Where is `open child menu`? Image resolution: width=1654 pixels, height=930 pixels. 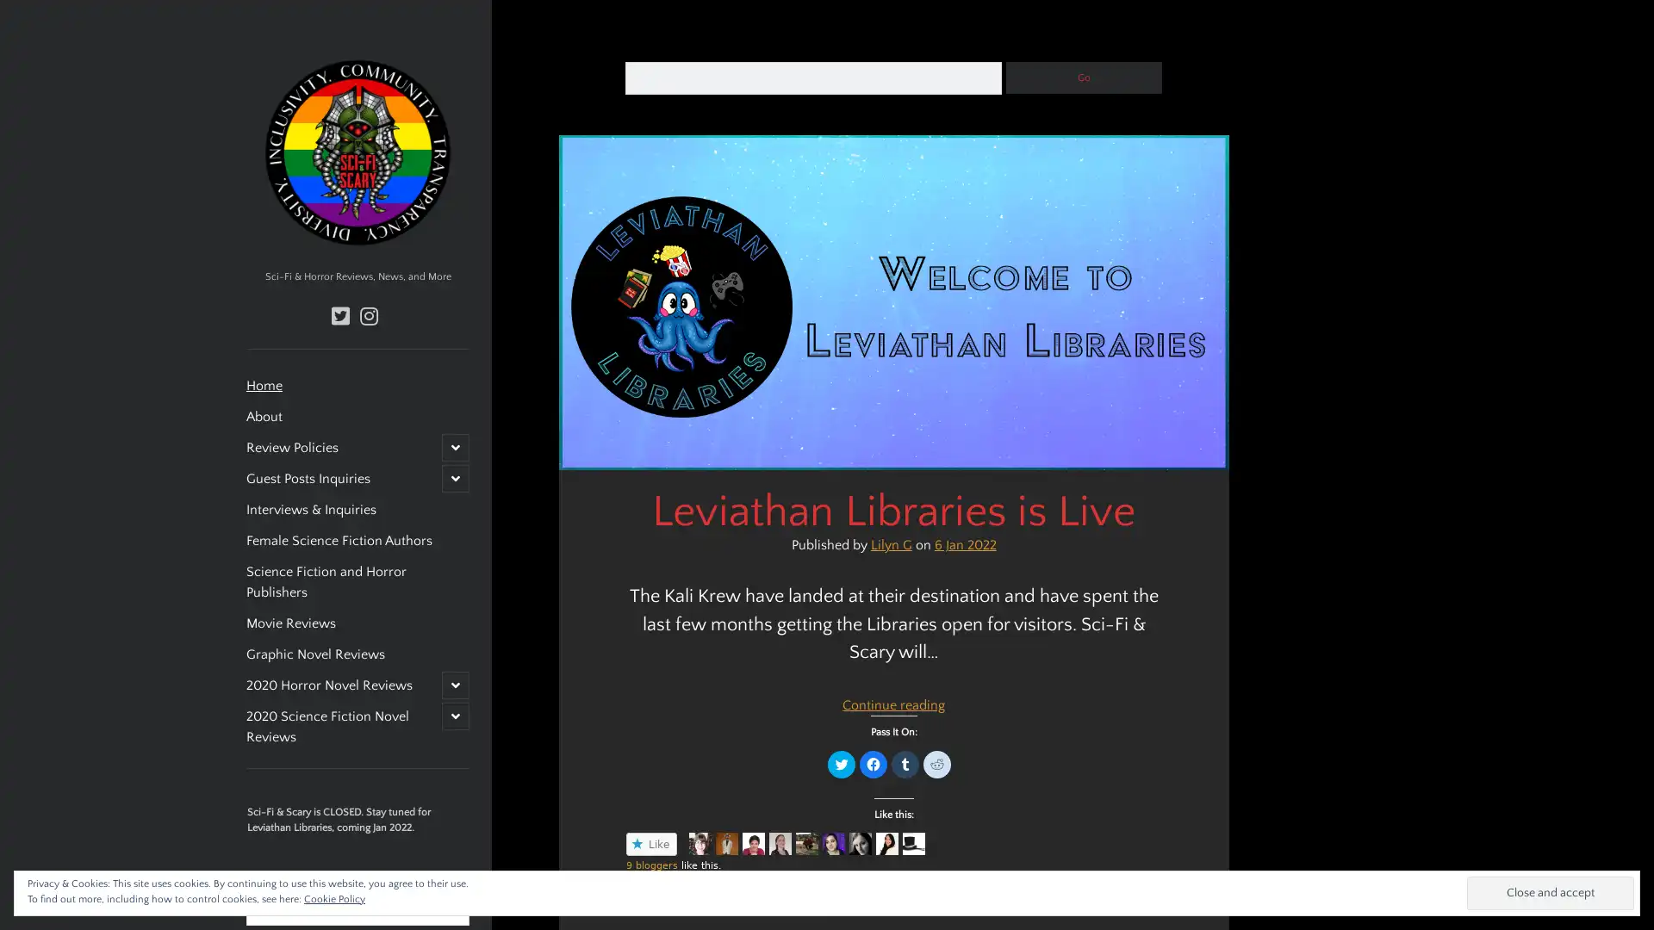
open child menu is located at coordinates (455, 716).